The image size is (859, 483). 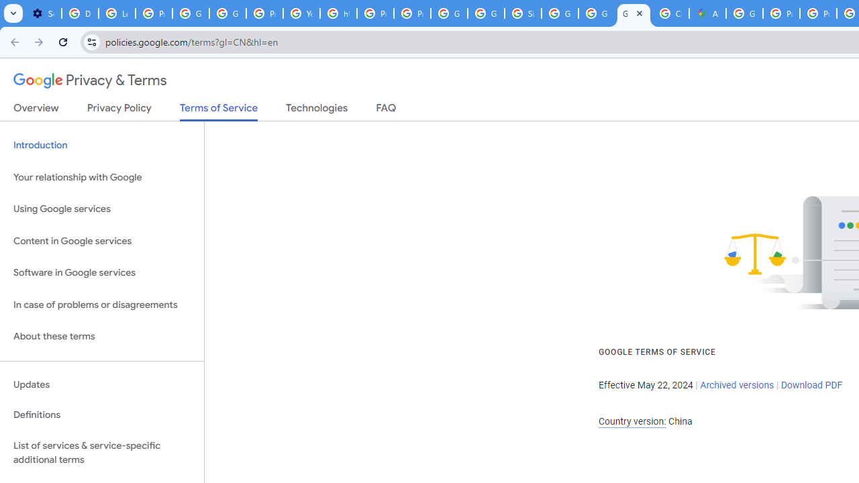 What do you see at coordinates (101, 415) in the screenshot?
I see `'Definitions'` at bounding box center [101, 415].